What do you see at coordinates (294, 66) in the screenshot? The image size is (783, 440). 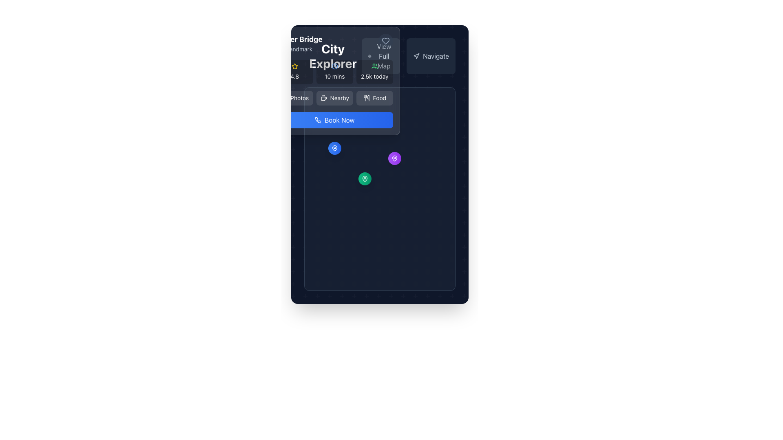 I see `the star icon located at the top center-right of the interface` at bounding box center [294, 66].